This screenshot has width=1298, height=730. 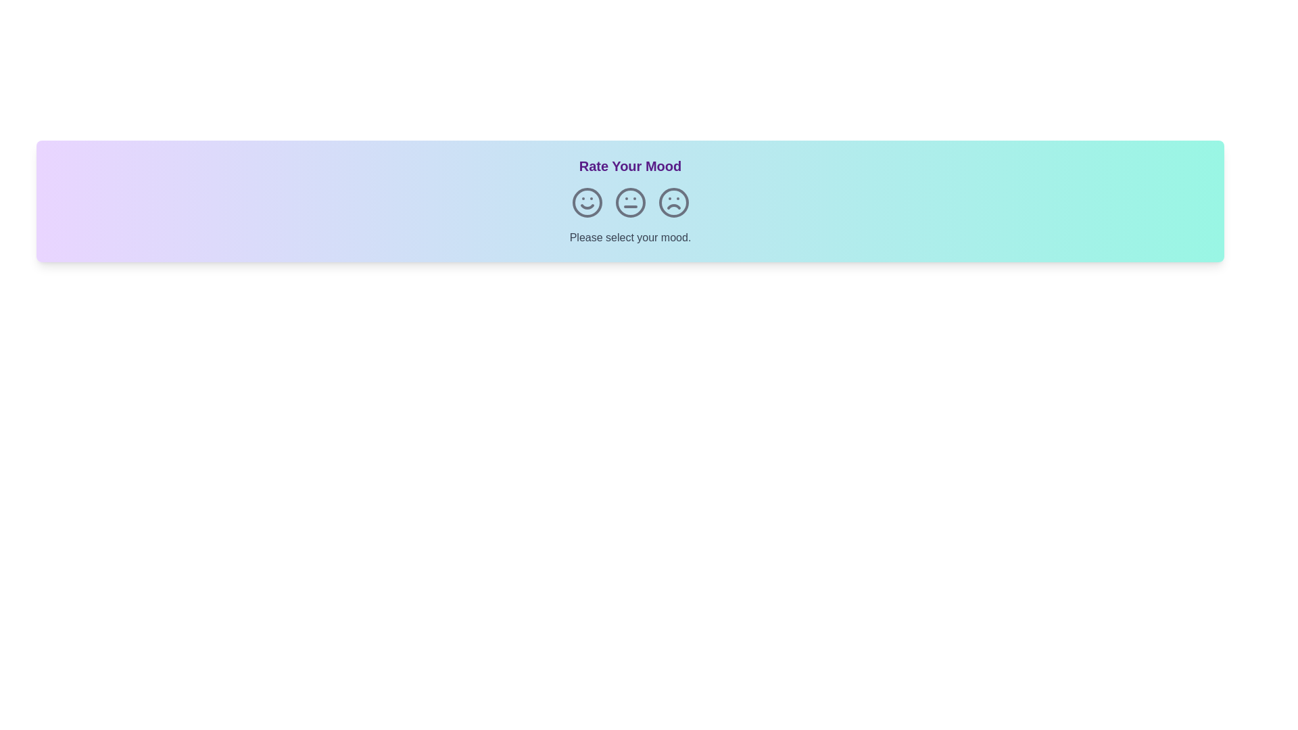 What do you see at coordinates (629, 203) in the screenshot?
I see `the mood rating button corresponding to neutral` at bounding box center [629, 203].